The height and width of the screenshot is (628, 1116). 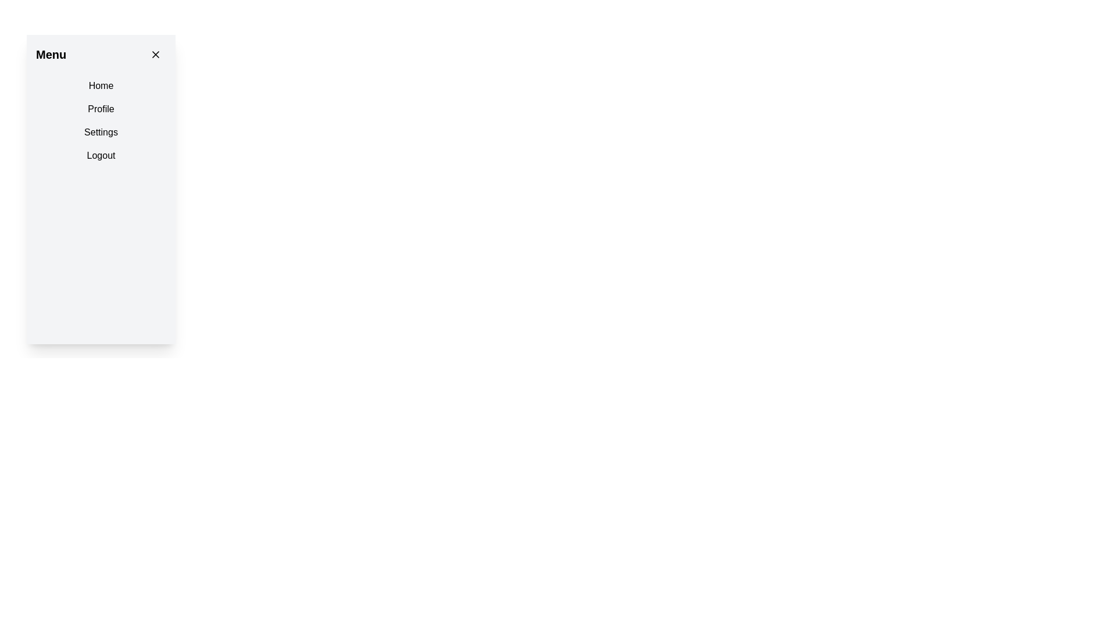 I want to click on the second item in the Menu or Navigation List, which is 'Profile', so click(x=101, y=121).